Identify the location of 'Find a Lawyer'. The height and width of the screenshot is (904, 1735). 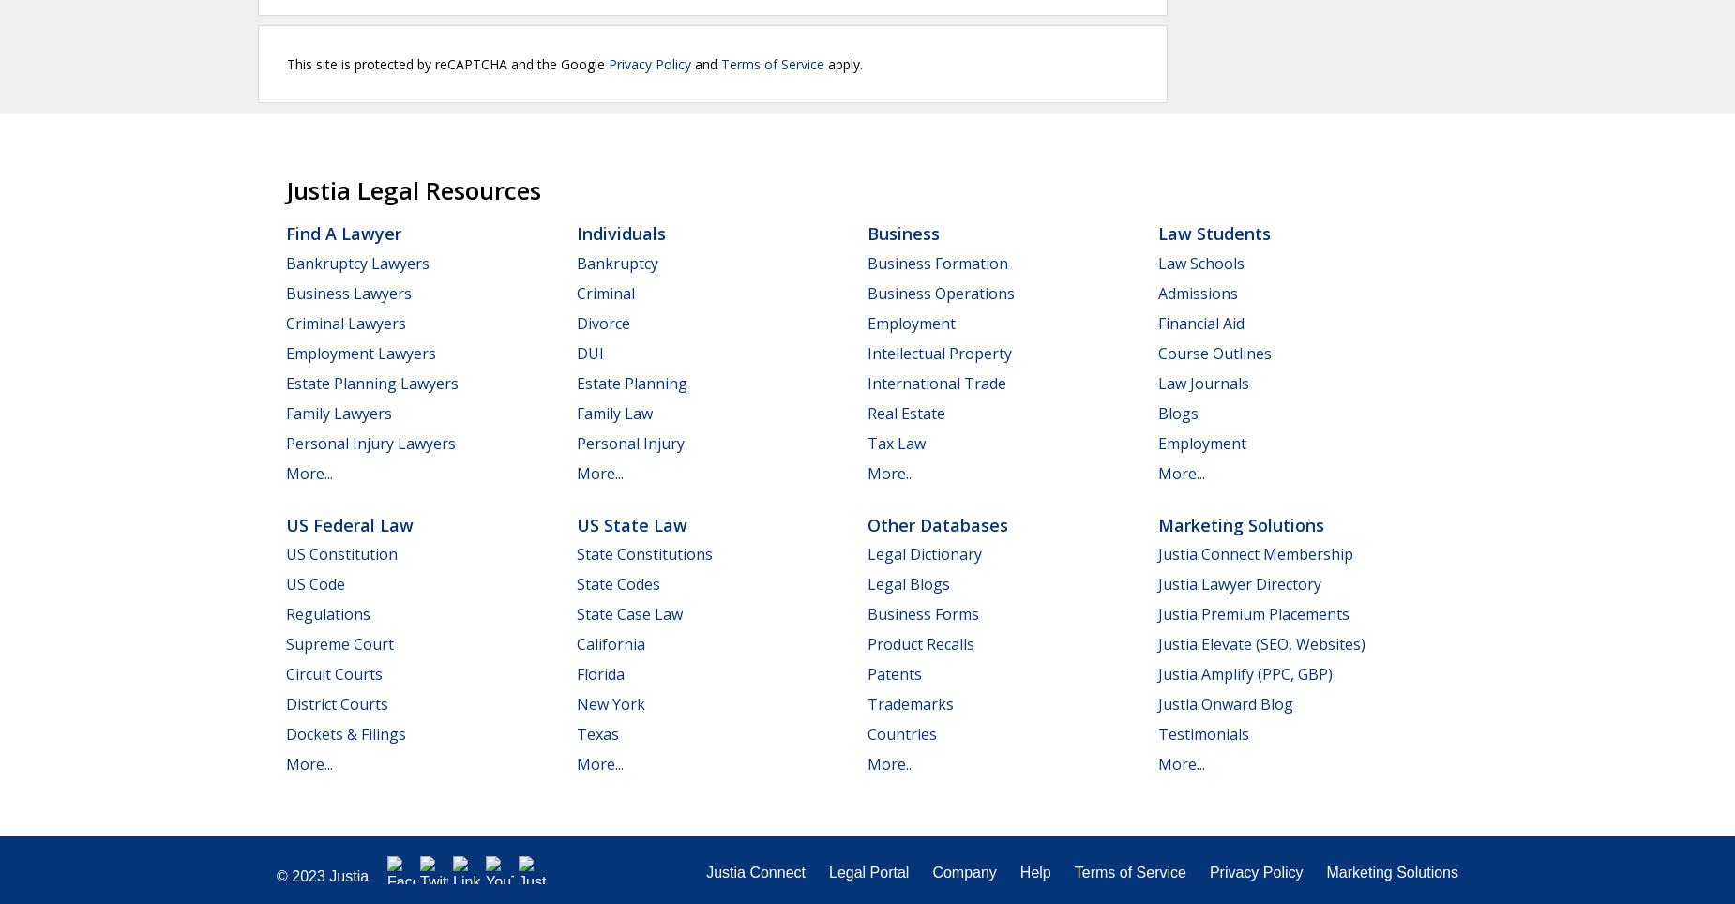
(342, 233).